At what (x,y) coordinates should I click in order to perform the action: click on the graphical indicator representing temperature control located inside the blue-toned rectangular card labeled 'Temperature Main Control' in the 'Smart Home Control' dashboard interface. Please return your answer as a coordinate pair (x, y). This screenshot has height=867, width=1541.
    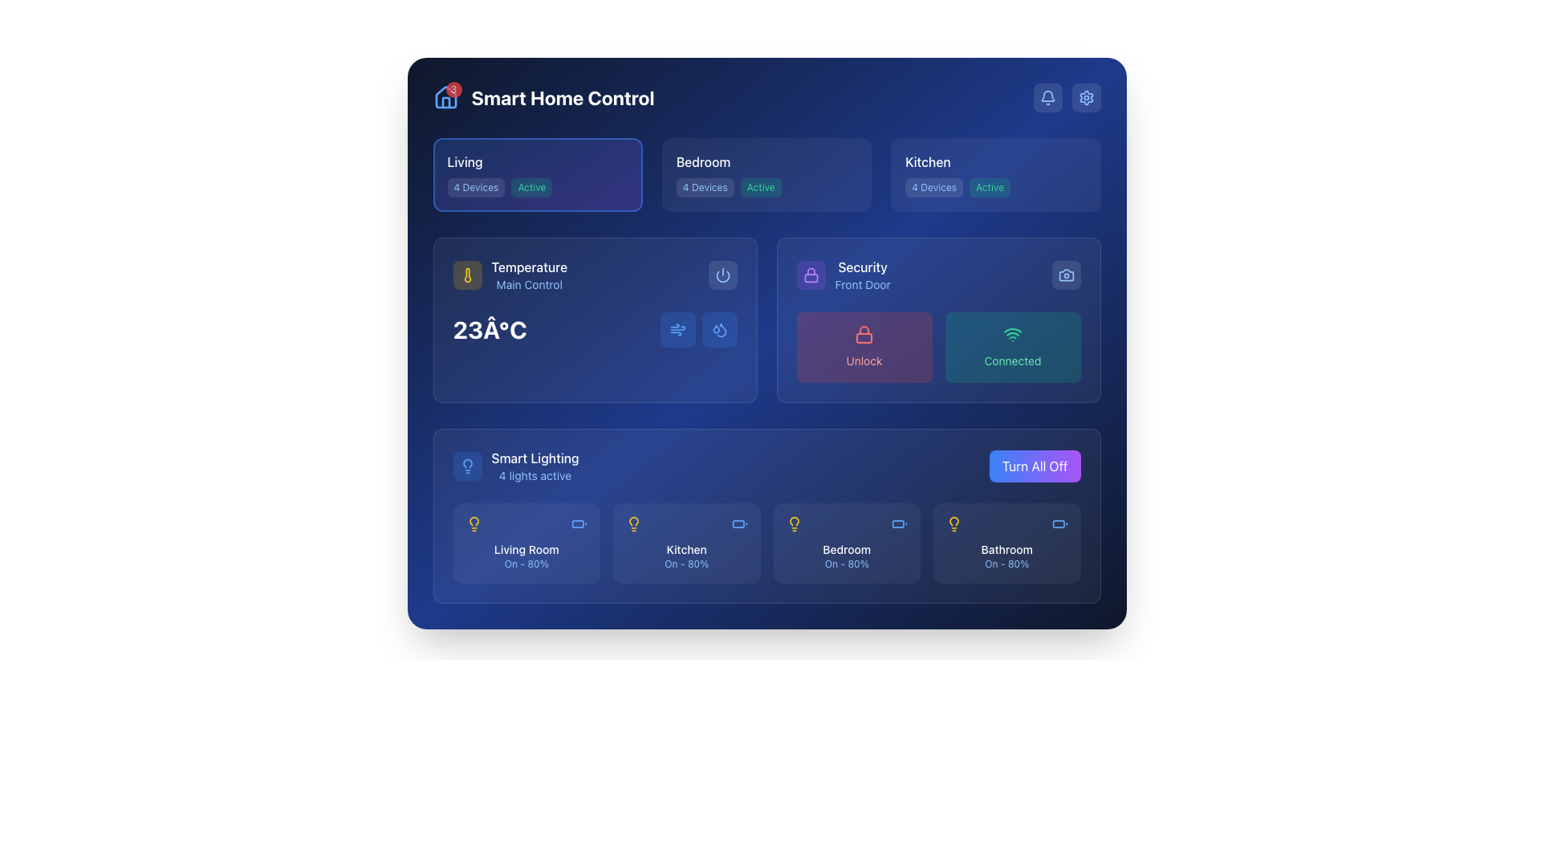
    Looking at the image, I should click on (718, 329).